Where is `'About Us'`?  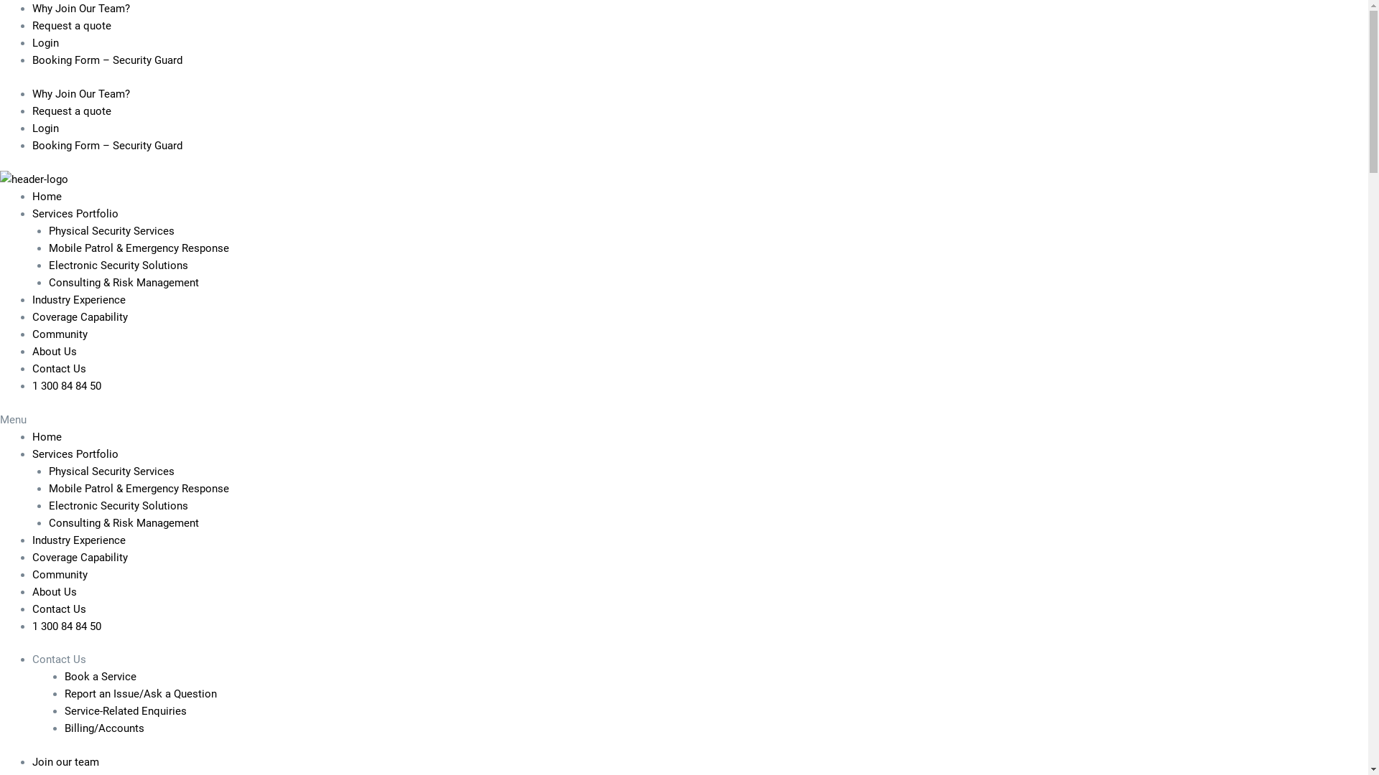
'About Us' is located at coordinates (55, 592).